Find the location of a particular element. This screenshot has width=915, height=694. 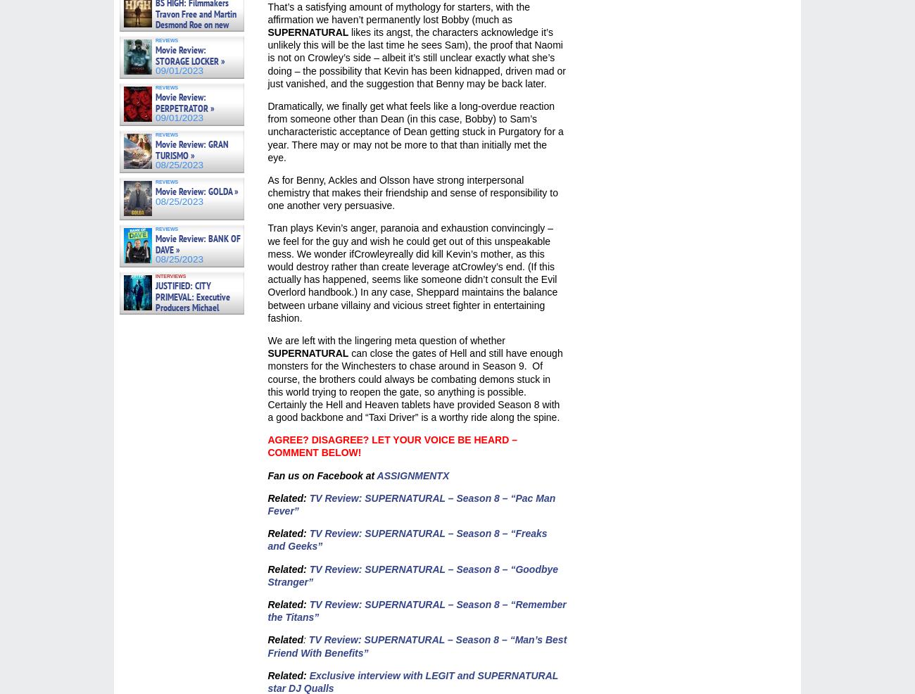

'likes its angst, the characters acknowledge it’s unlikely this will be the last time he sees Sam), the proof that Naomi is not on Crowley’s side – albeit it’s still unclear exactly what she’s doing – the possibility that Kevin has been kidnapped, driven mad or just vanished, and the suggestion that Benny may be back later.' is located at coordinates (266, 57).